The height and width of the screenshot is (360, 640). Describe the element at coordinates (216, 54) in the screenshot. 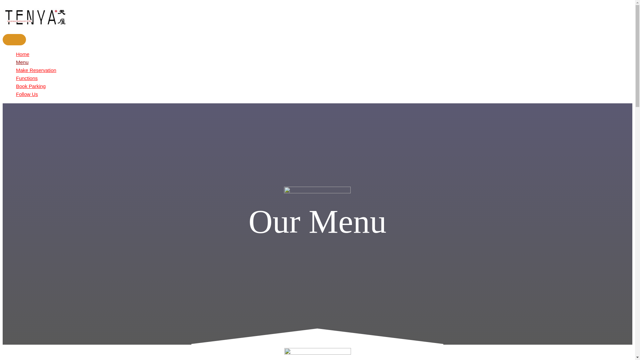

I see `'Home'` at that location.